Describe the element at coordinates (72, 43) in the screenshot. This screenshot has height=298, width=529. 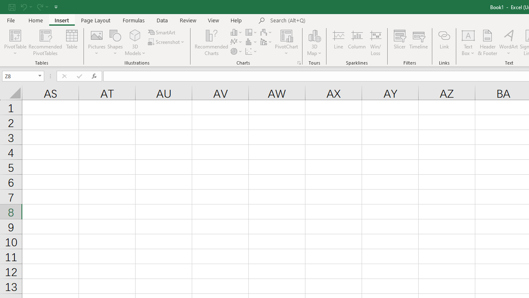
I see `'Table'` at that location.